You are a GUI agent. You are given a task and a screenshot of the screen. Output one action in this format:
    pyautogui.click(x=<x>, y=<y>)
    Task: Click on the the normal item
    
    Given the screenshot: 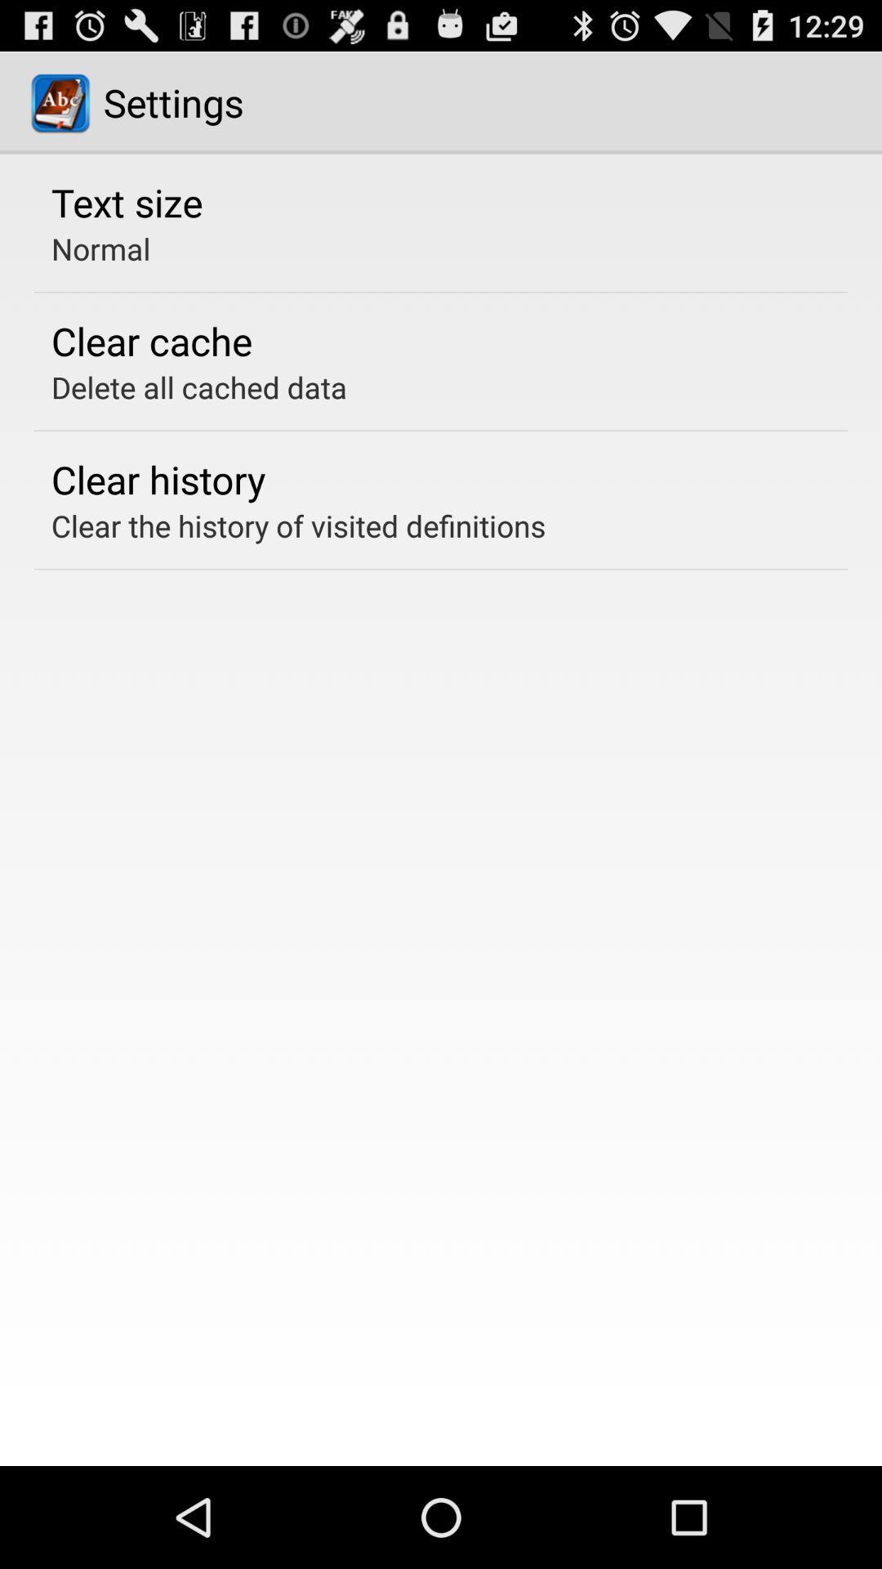 What is the action you would take?
    pyautogui.click(x=100, y=248)
    